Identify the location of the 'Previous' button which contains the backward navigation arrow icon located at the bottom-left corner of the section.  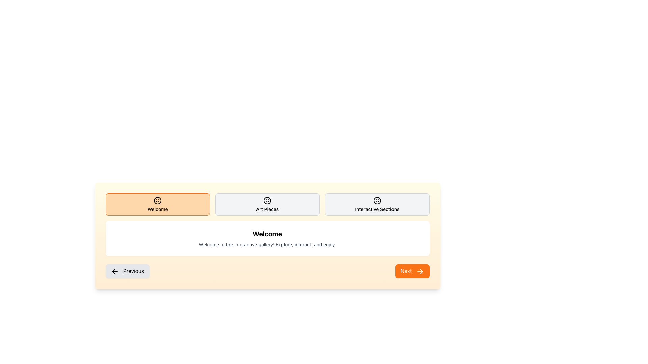
(115, 271).